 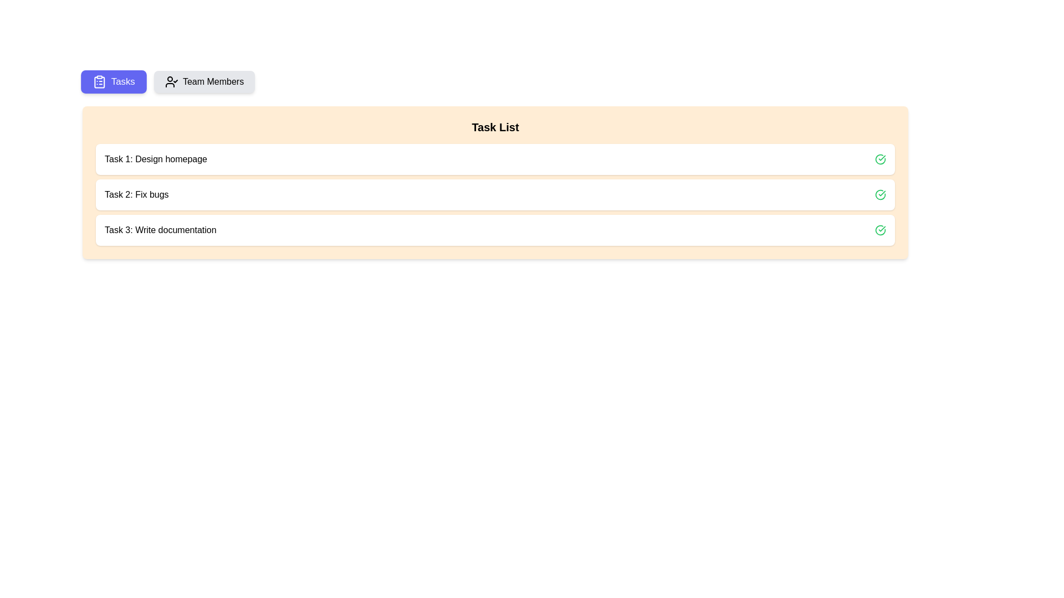 What do you see at coordinates (114, 81) in the screenshot?
I see `the blue button labeled 'Tasks' with a clipboard icon on the left` at bounding box center [114, 81].